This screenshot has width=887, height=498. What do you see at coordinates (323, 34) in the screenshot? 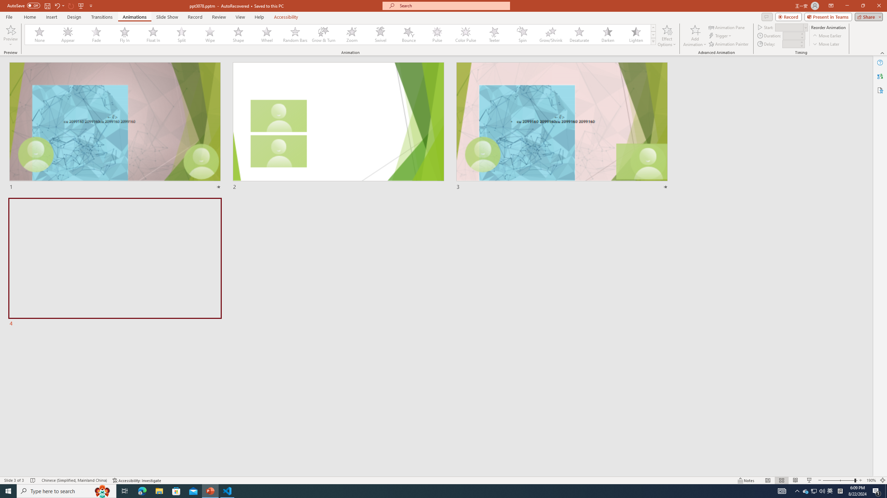
I see `'Grow & Turn'` at bounding box center [323, 34].